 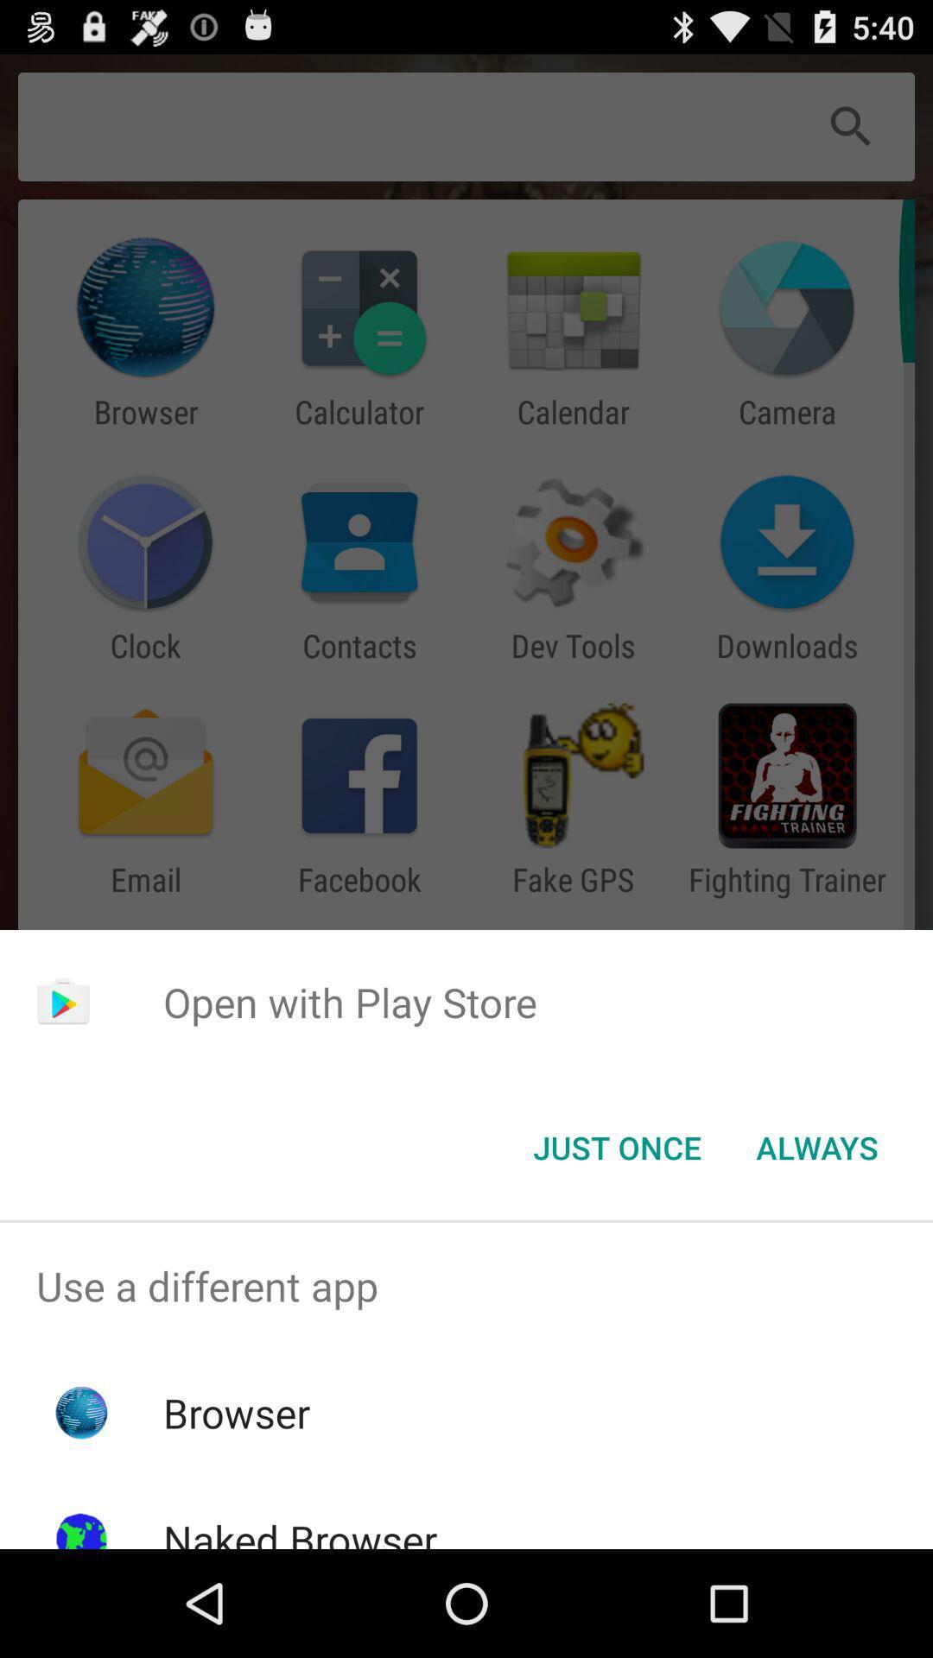 What do you see at coordinates (299, 1530) in the screenshot?
I see `the naked browser` at bounding box center [299, 1530].